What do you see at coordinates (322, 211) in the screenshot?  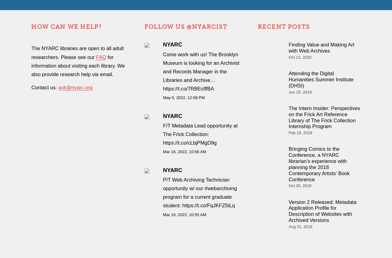 I see `'Version 2 Released: Metadata Application Profile for Description of Websites with Archived Versions'` at bounding box center [322, 211].